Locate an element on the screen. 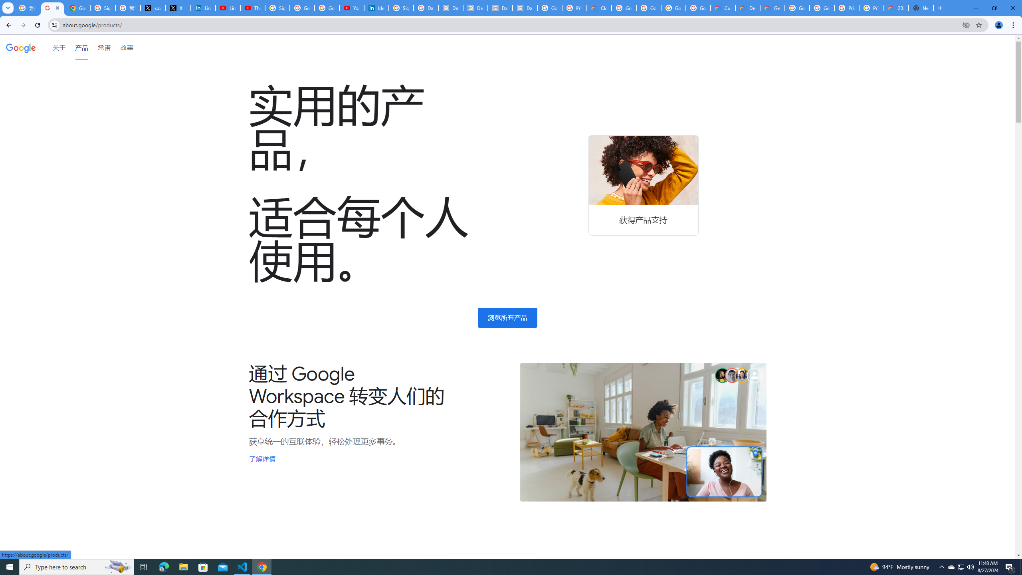 The height and width of the screenshot is (575, 1022). 'Sign in - Google Accounts' is located at coordinates (102, 8).